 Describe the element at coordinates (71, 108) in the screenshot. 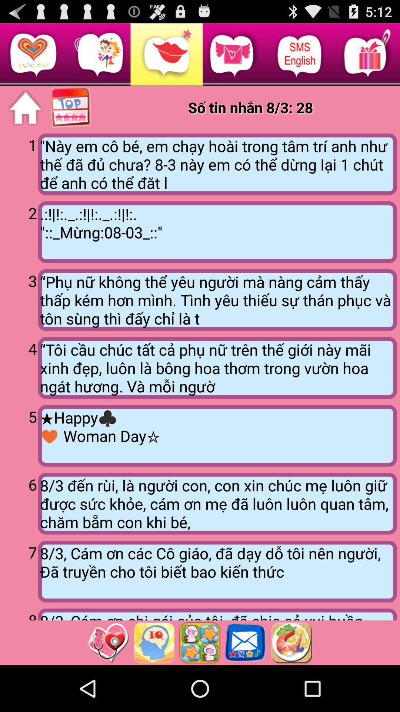

I see `show top options` at that location.